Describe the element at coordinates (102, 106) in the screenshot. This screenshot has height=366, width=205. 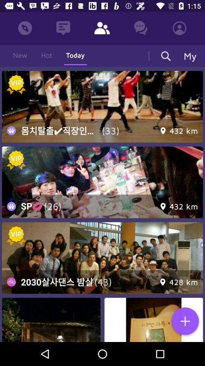
I see `choose the image` at that location.